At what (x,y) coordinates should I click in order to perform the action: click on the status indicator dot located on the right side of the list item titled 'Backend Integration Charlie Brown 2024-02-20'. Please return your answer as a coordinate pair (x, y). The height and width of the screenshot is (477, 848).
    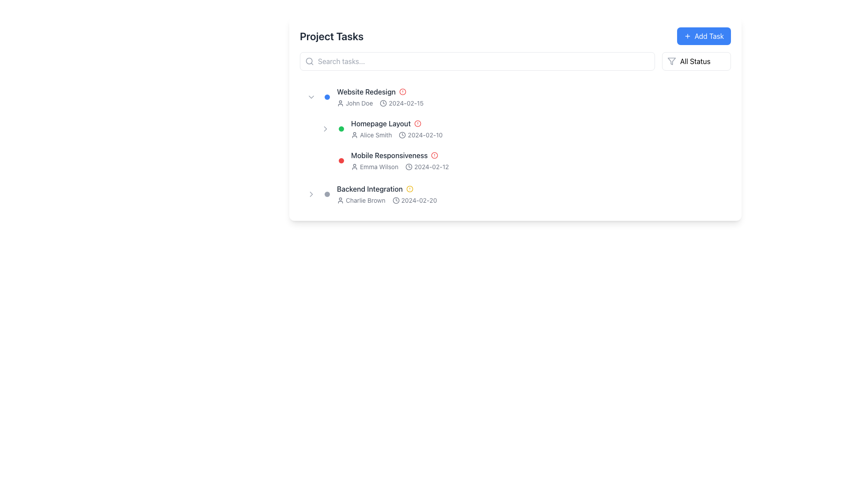
    Looking at the image, I should click on (326, 193).